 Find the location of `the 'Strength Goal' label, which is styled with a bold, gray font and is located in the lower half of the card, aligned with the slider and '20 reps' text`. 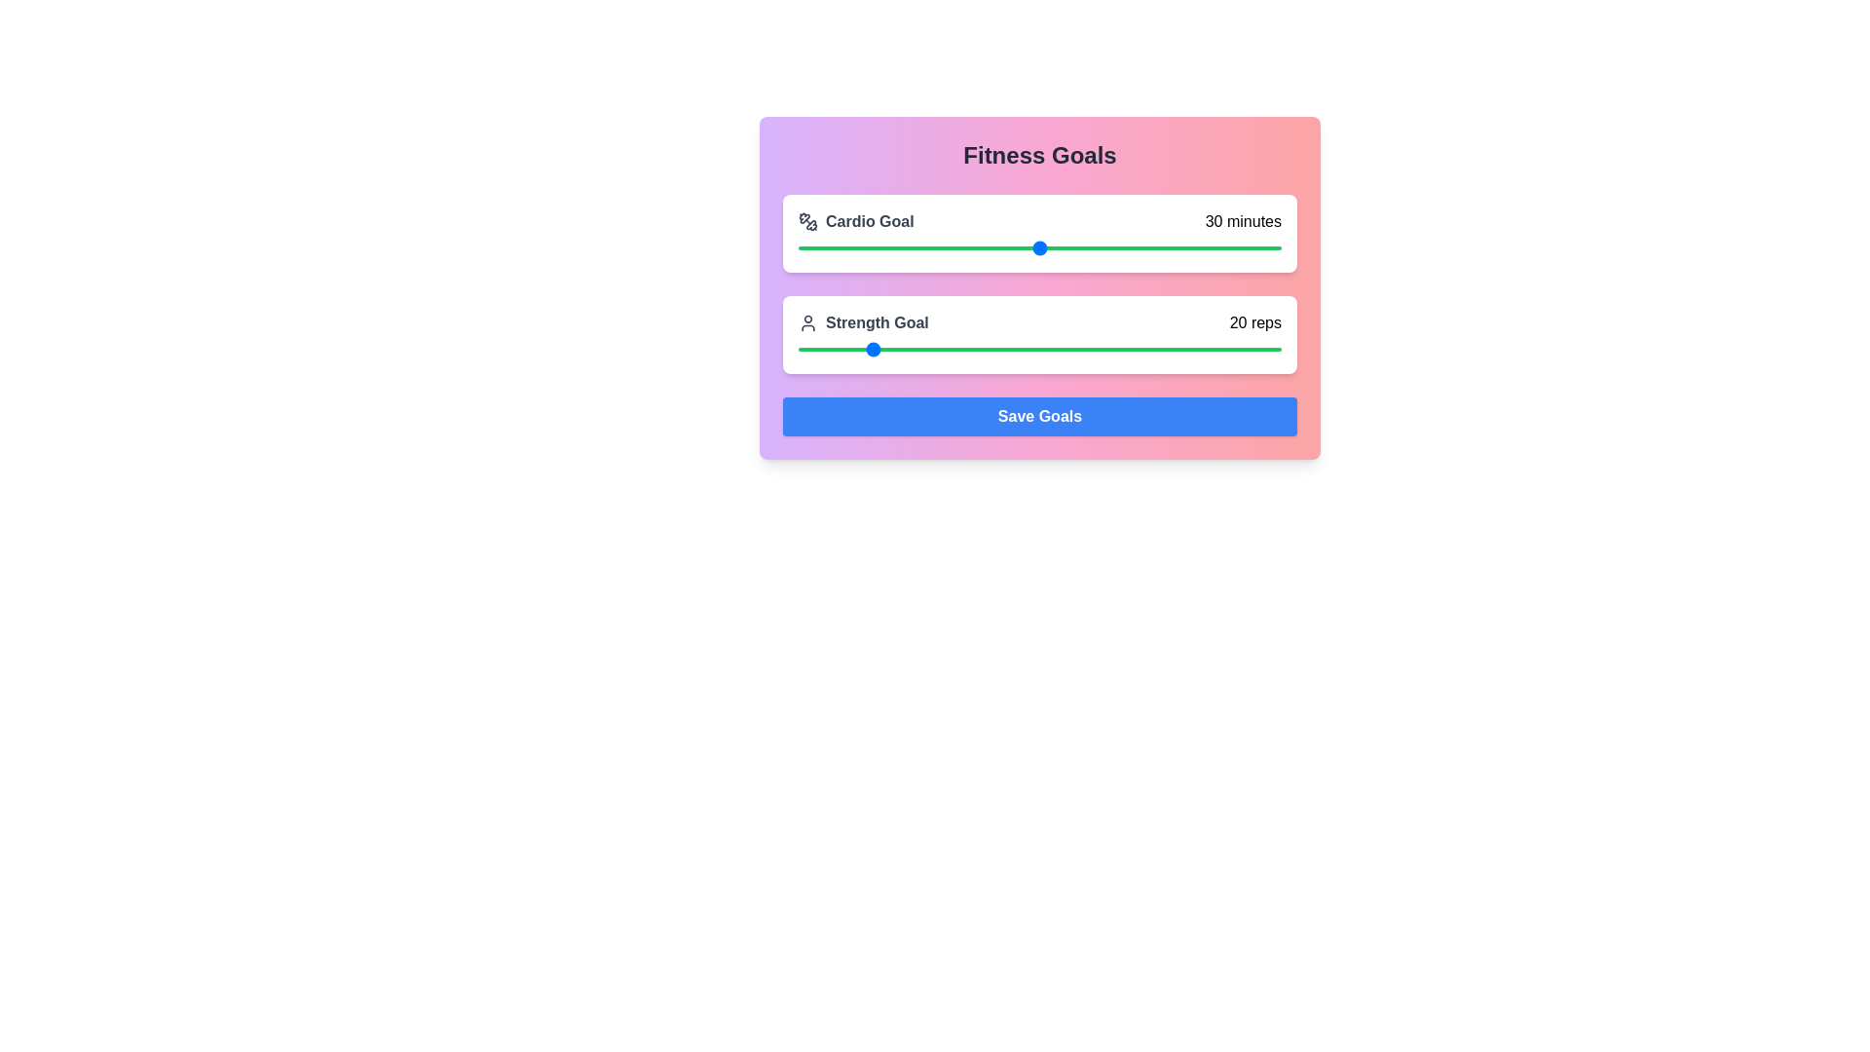

the 'Strength Goal' label, which is styled with a bold, gray font and is located in the lower half of the card, aligned with the slider and '20 reps' text is located at coordinates (862, 321).